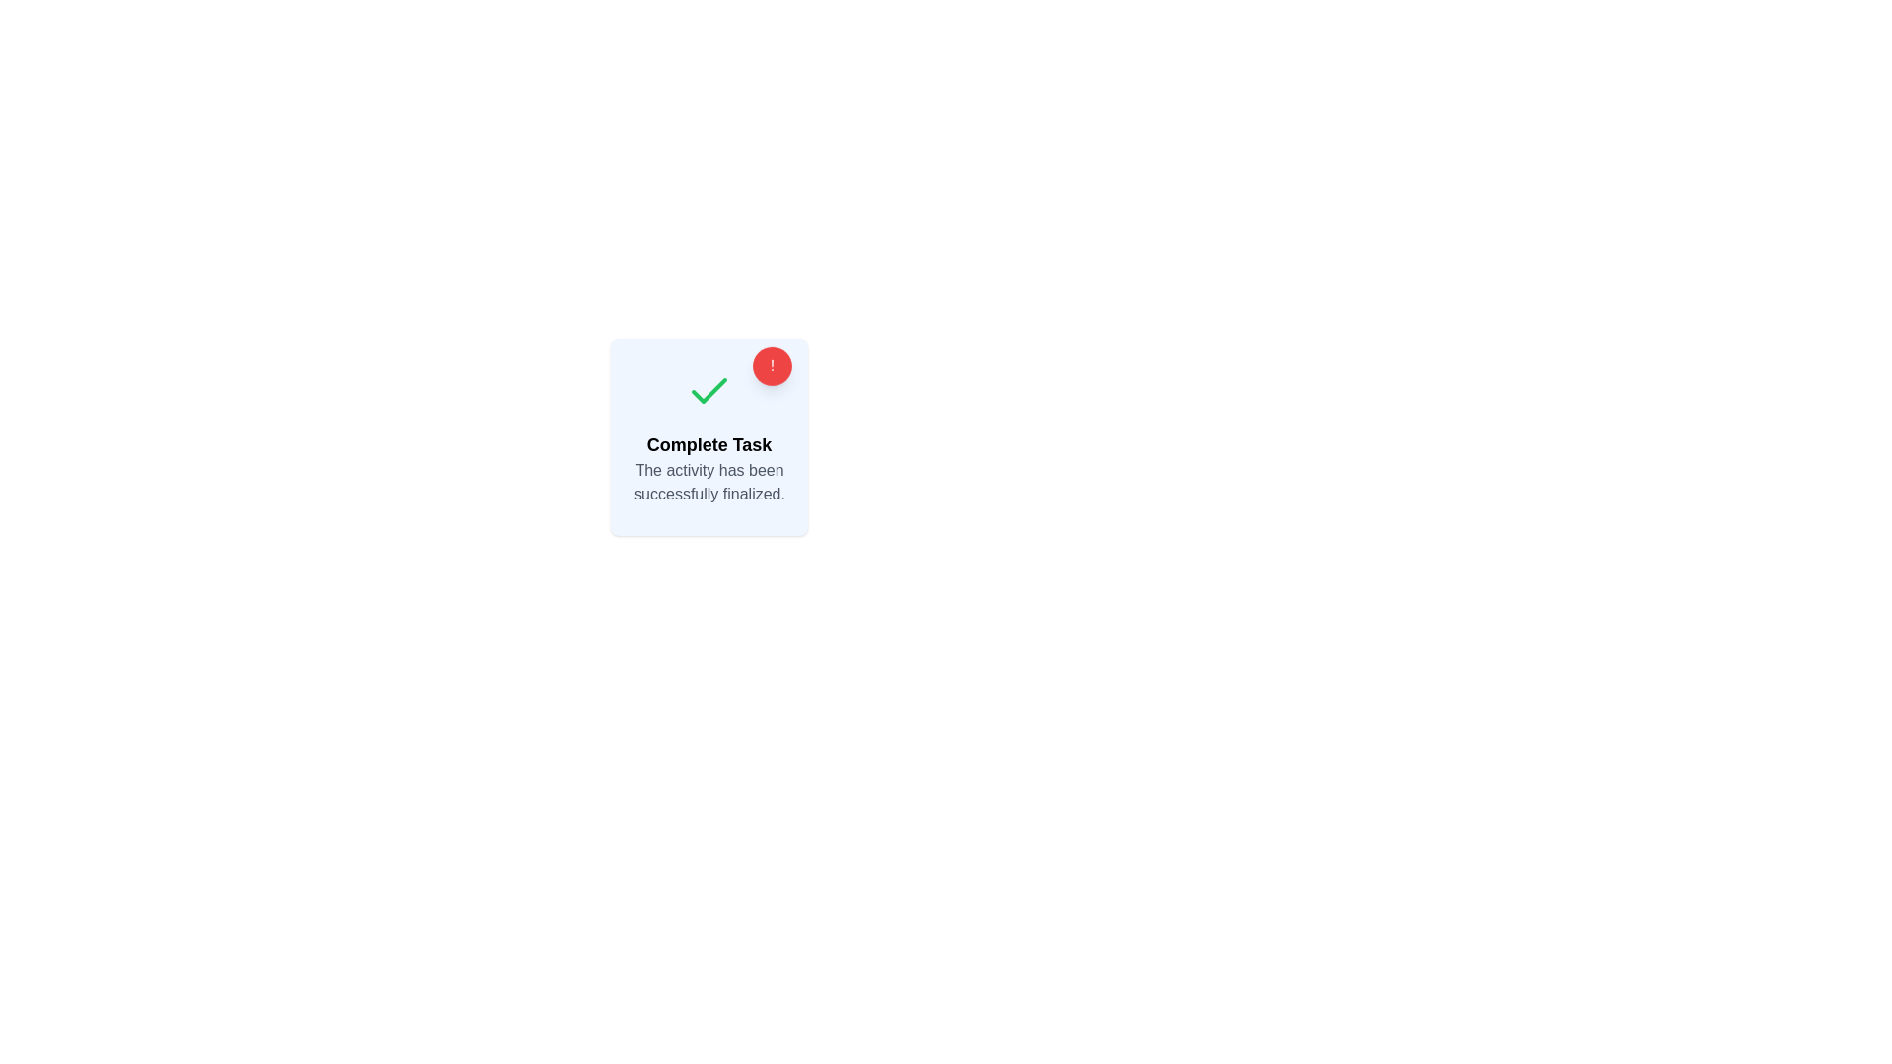  Describe the element at coordinates (709, 482) in the screenshot. I see `the text label displaying 'The activity has been successfully finalized.' which is styled in gray and positioned beneath the 'Complete Task' text` at that location.